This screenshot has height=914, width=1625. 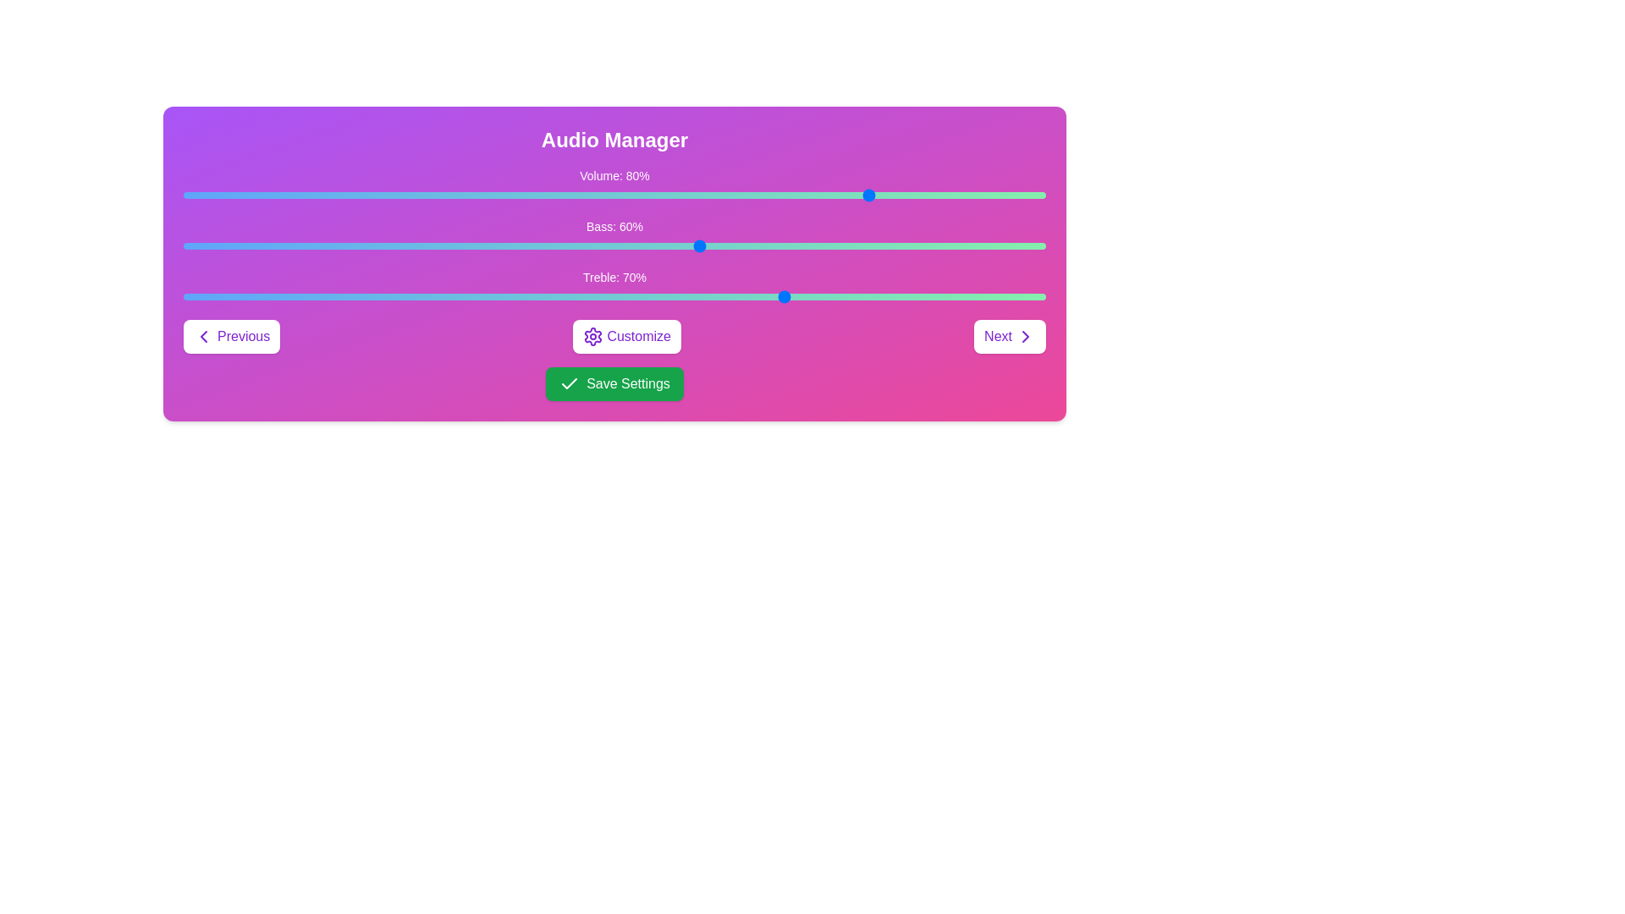 I want to click on the leftward-pointing chevron arrow icon located inside the 'Previous' button at the bottom-left corner of the purple panel, so click(x=203, y=336).